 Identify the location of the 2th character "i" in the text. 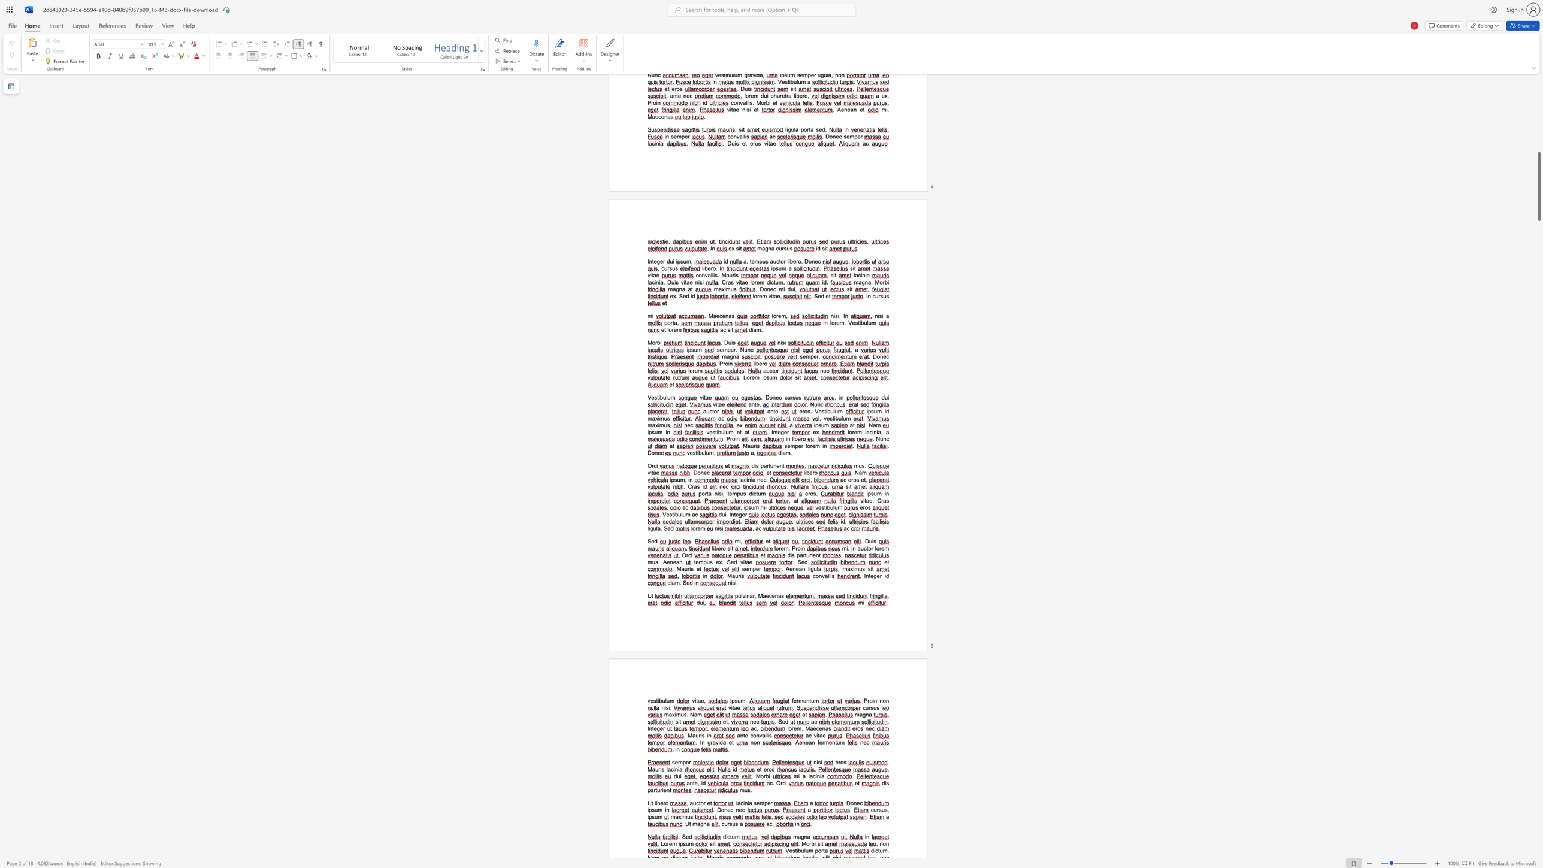
(665, 809).